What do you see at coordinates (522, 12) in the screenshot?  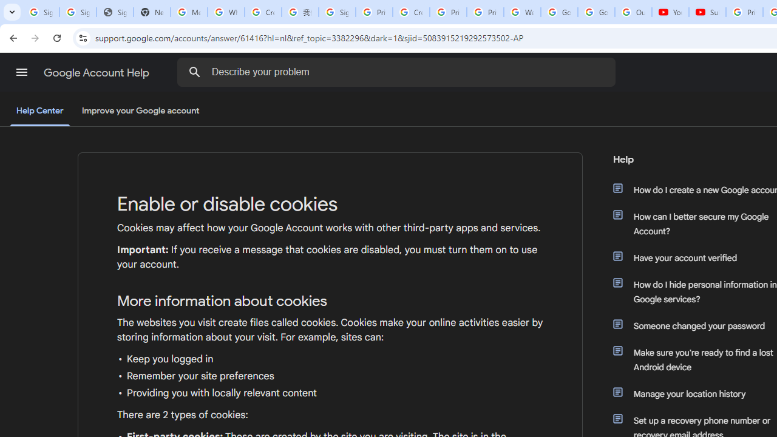 I see `'Welcome to My Activity'` at bounding box center [522, 12].